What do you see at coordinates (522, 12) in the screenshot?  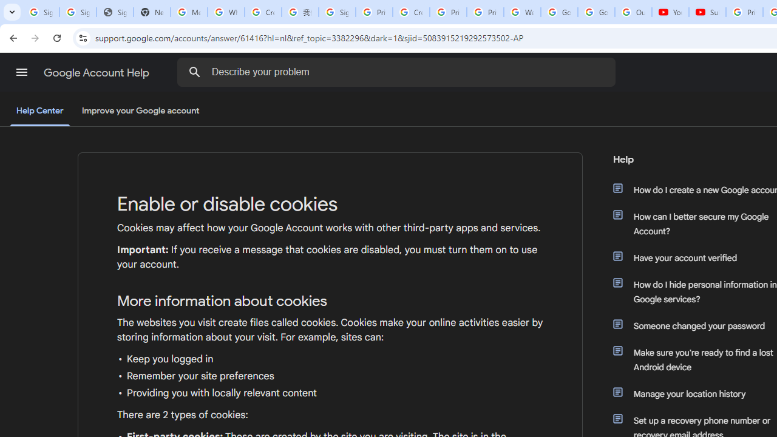 I see `'Welcome to My Activity'` at bounding box center [522, 12].